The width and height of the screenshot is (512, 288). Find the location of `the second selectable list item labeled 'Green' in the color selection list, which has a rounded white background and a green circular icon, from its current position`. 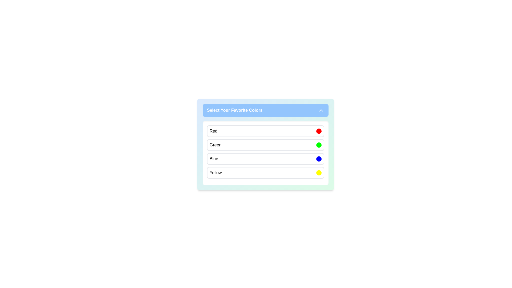

the second selectable list item labeled 'Green' in the color selection list, which has a rounded white background and a green circular icon, from its current position is located at coordinates (266, 145).